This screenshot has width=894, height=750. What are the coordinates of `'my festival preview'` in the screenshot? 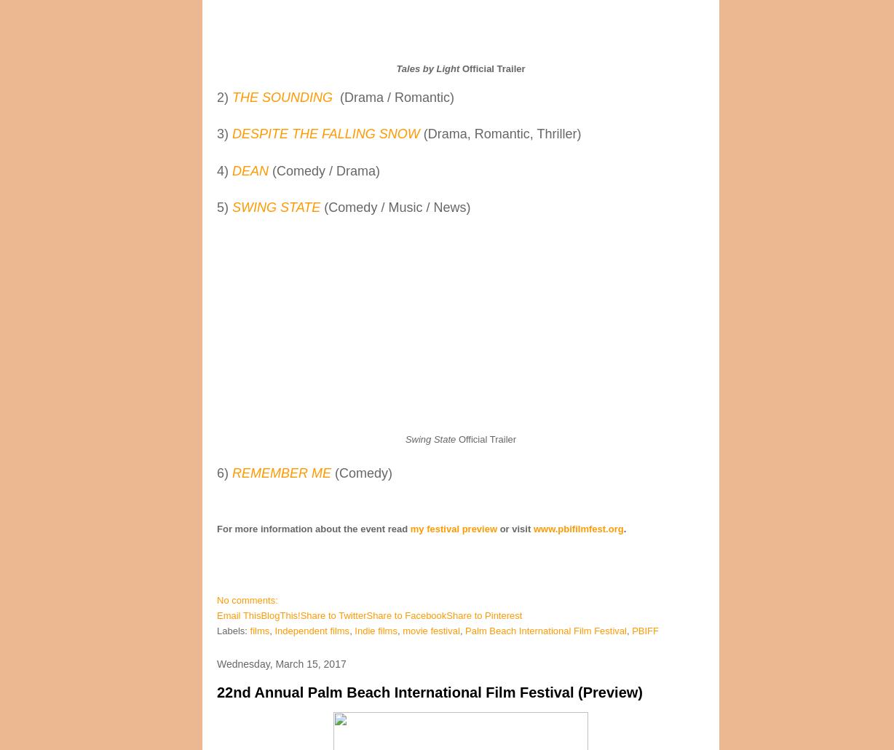 It's located at (454, 528).